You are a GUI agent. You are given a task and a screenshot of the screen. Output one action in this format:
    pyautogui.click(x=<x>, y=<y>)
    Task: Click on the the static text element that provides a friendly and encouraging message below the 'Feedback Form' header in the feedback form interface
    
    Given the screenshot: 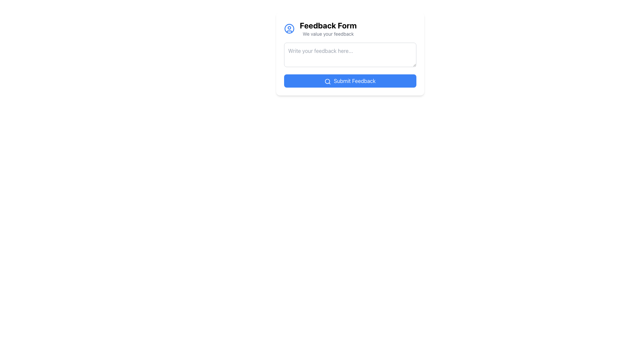 What is the action you would take?
    pyautogui.click(x=328, y=34)
    